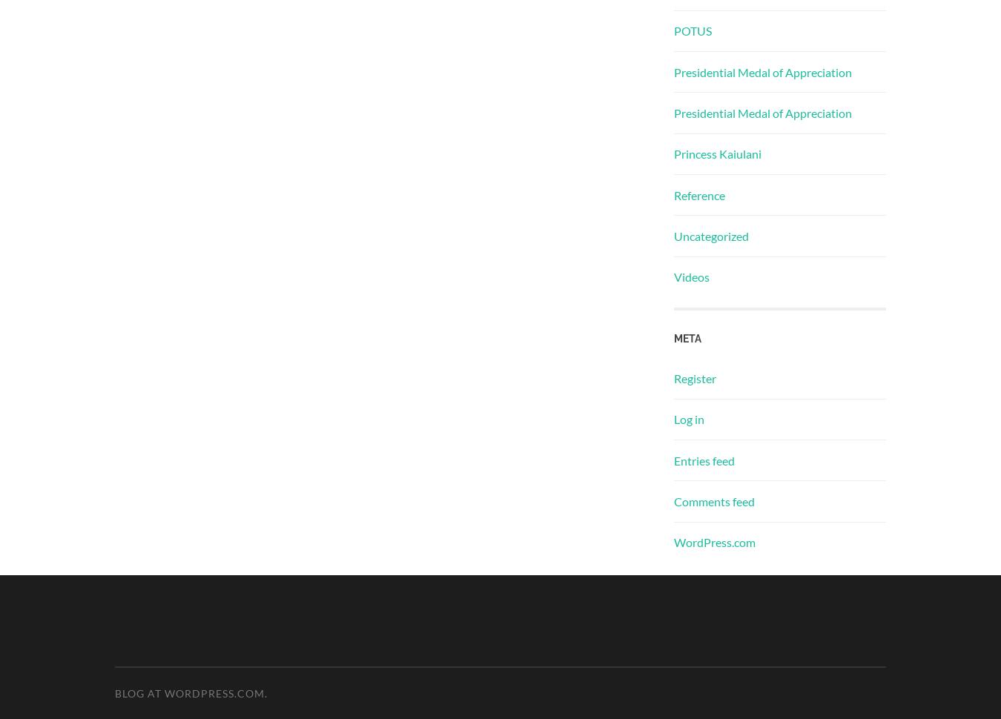 The height and width of the screenshot is (719, 1001). Describe the element at coordinates (692, 30) in the screenshot. I see `'POTUS'` at that location.